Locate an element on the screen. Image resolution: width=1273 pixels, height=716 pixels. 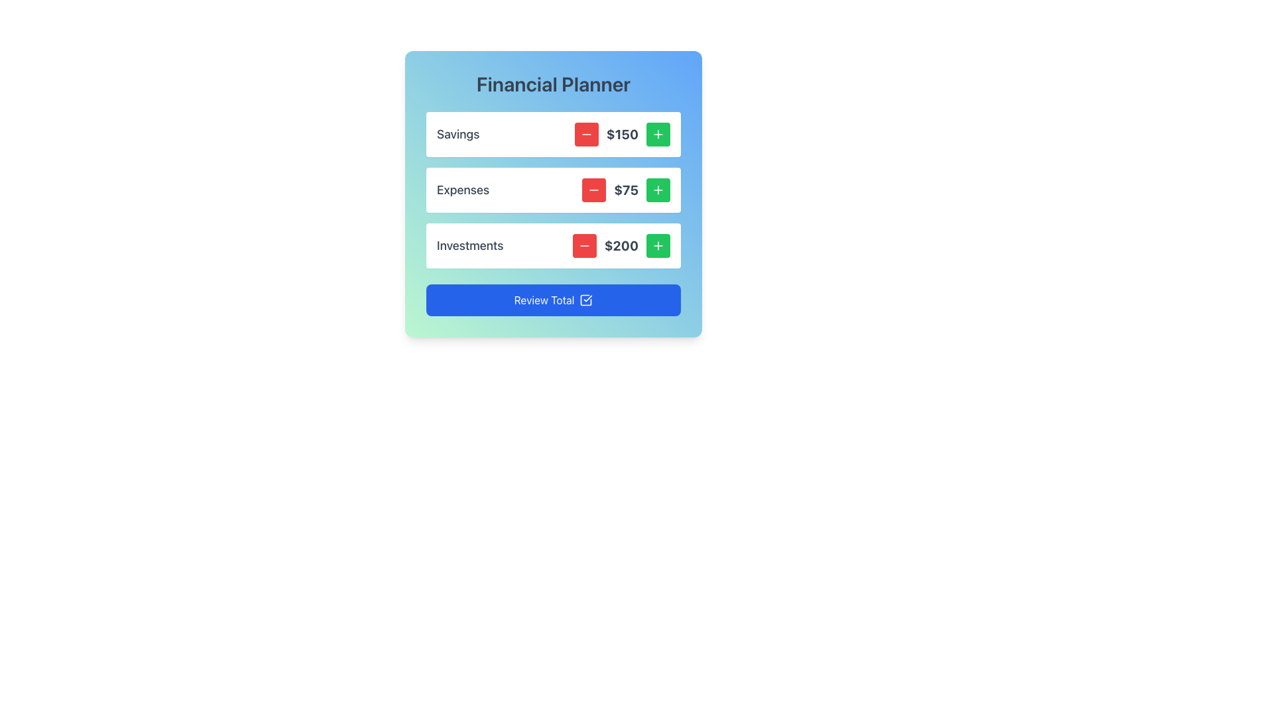
the button that increments a value, located to the far right of the '$150' Savings row, adjacent to a red button is located at coordinates (658, 135).